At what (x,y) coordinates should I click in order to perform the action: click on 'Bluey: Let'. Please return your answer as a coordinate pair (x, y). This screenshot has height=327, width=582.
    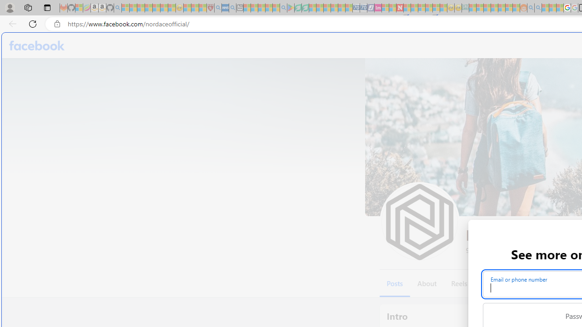
    Looking at the image, I should click on (290, 8).